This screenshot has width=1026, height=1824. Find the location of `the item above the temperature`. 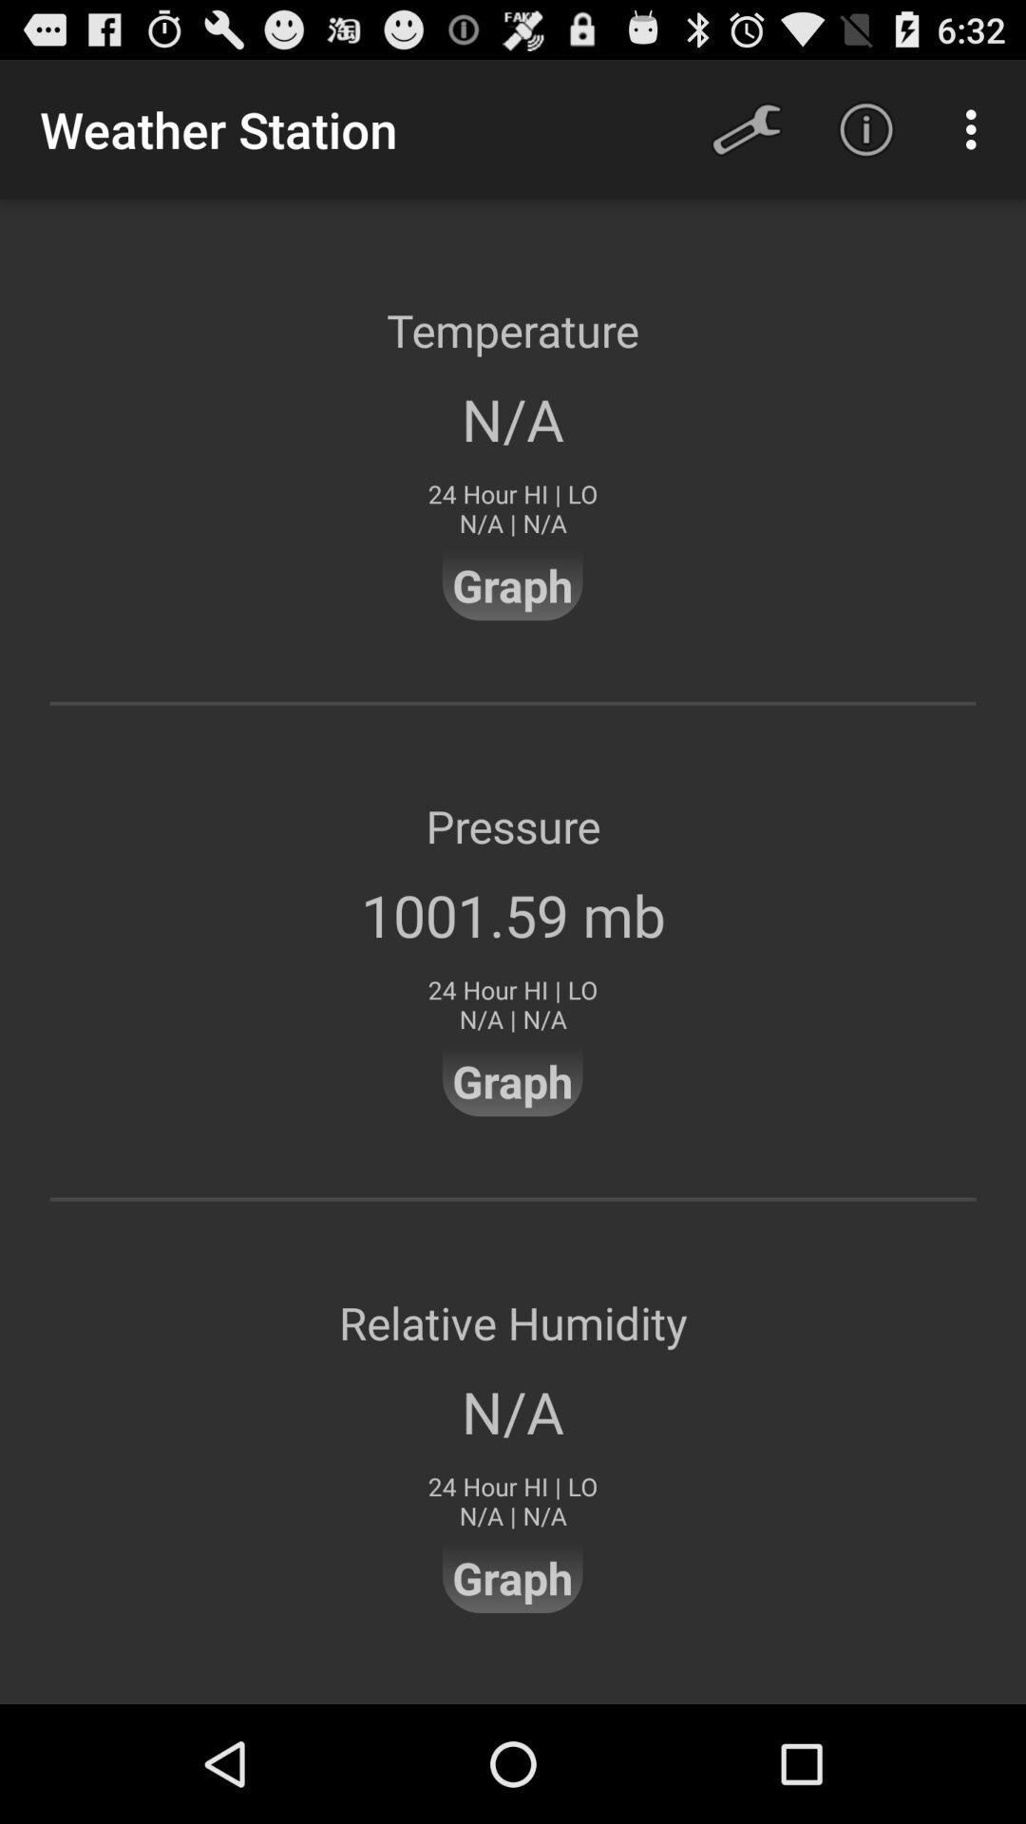

the item above the temperature is located at coordinates (746, 128).